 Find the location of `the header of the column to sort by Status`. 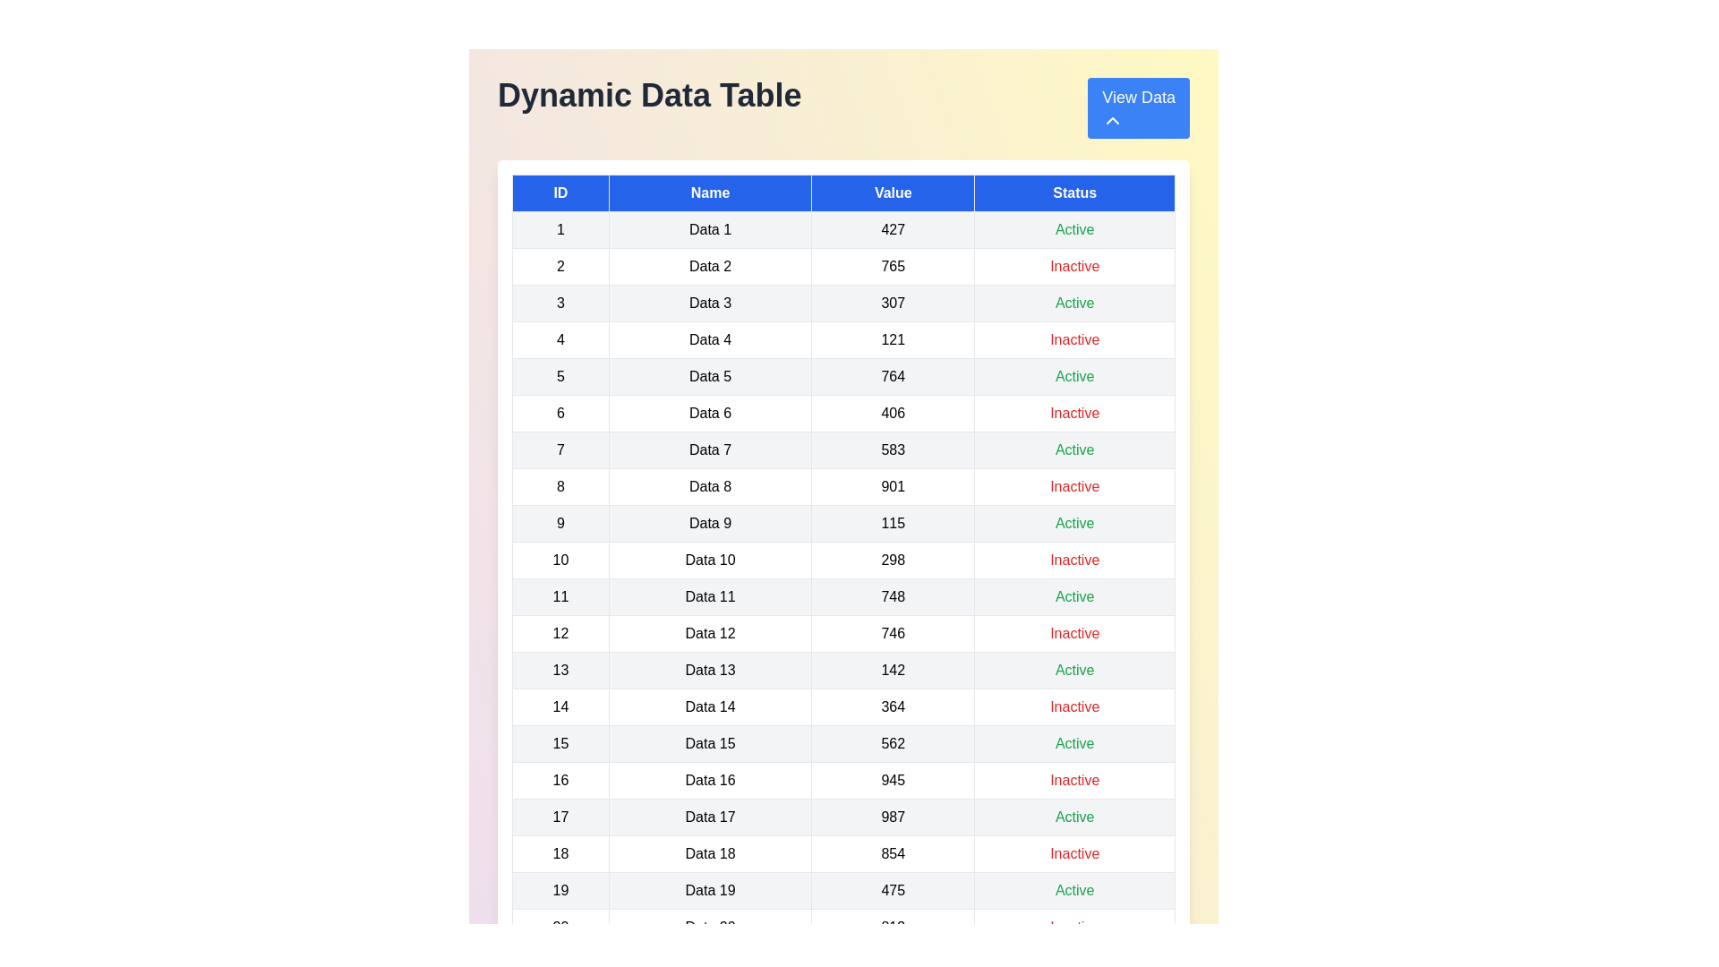

the header of the column to sort by Status is located at coordinates (1074, 193).